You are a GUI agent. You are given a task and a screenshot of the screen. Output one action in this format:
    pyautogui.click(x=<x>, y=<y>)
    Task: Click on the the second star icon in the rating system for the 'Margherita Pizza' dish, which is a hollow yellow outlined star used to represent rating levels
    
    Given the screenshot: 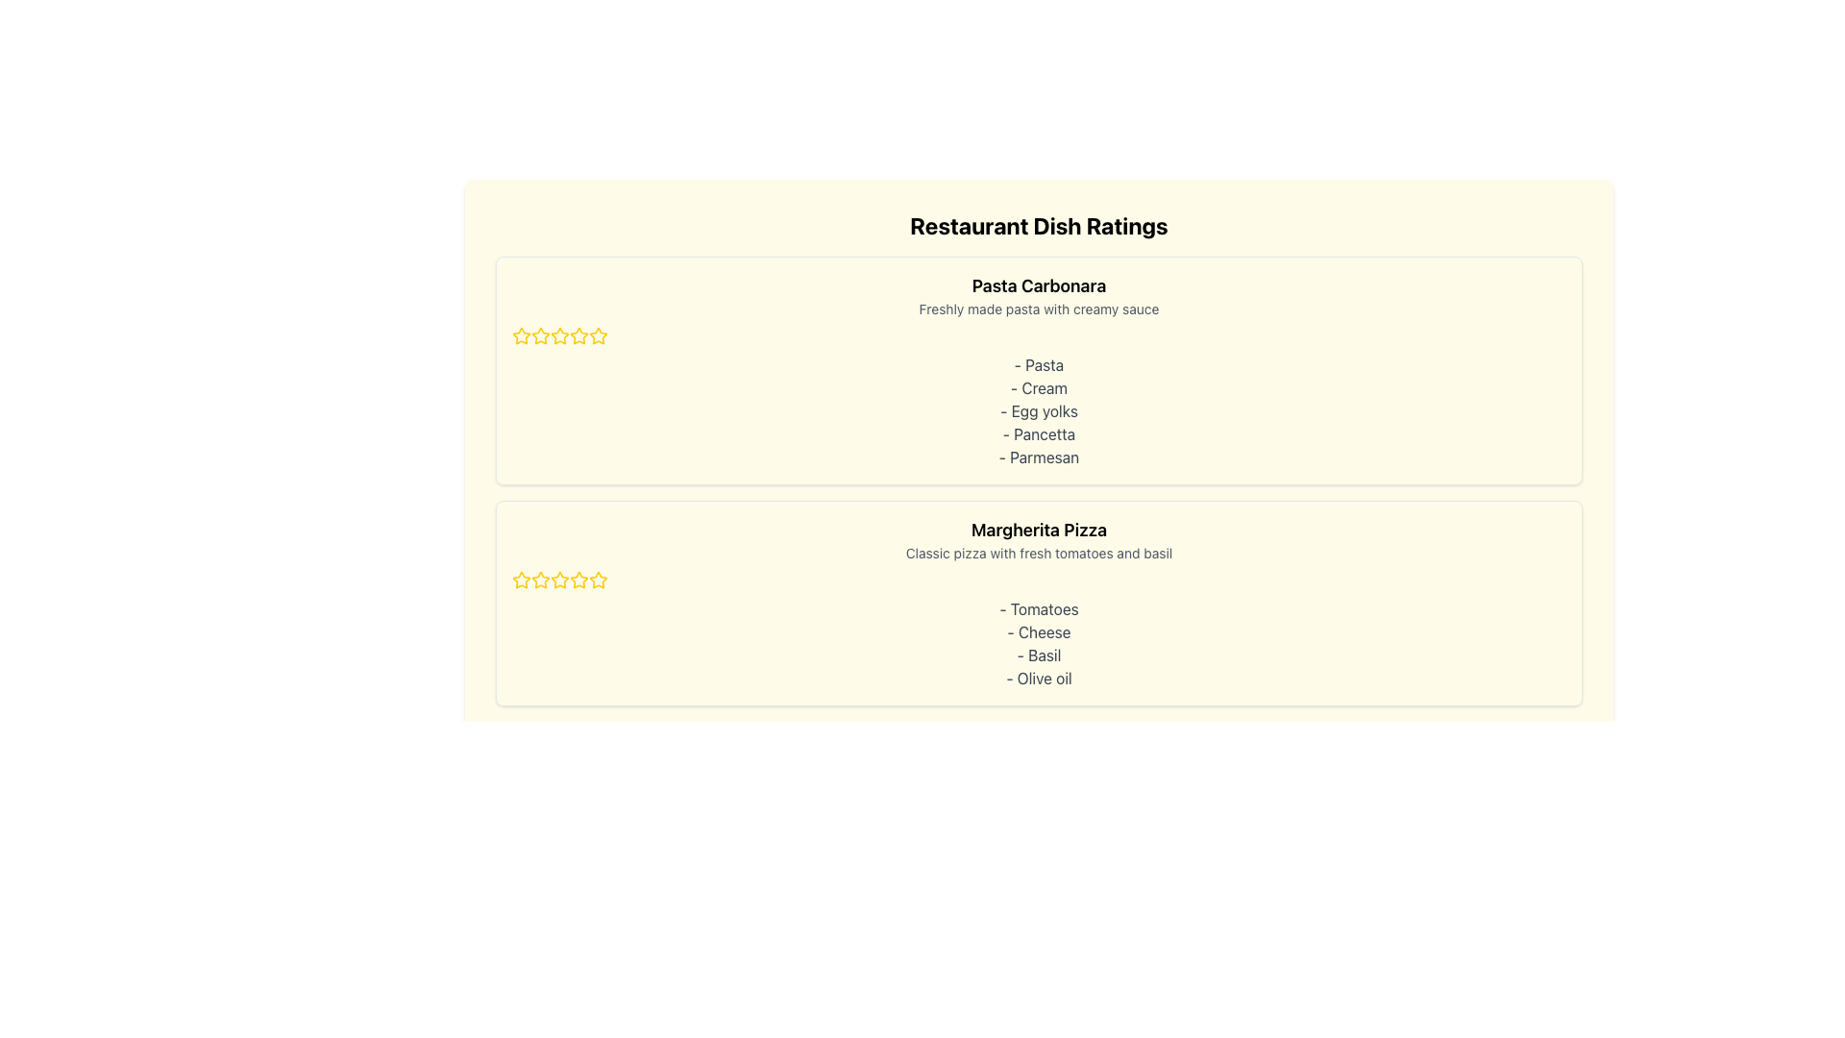 What is the action you would take?
    pyautogui.click(x=558, y=579)
    